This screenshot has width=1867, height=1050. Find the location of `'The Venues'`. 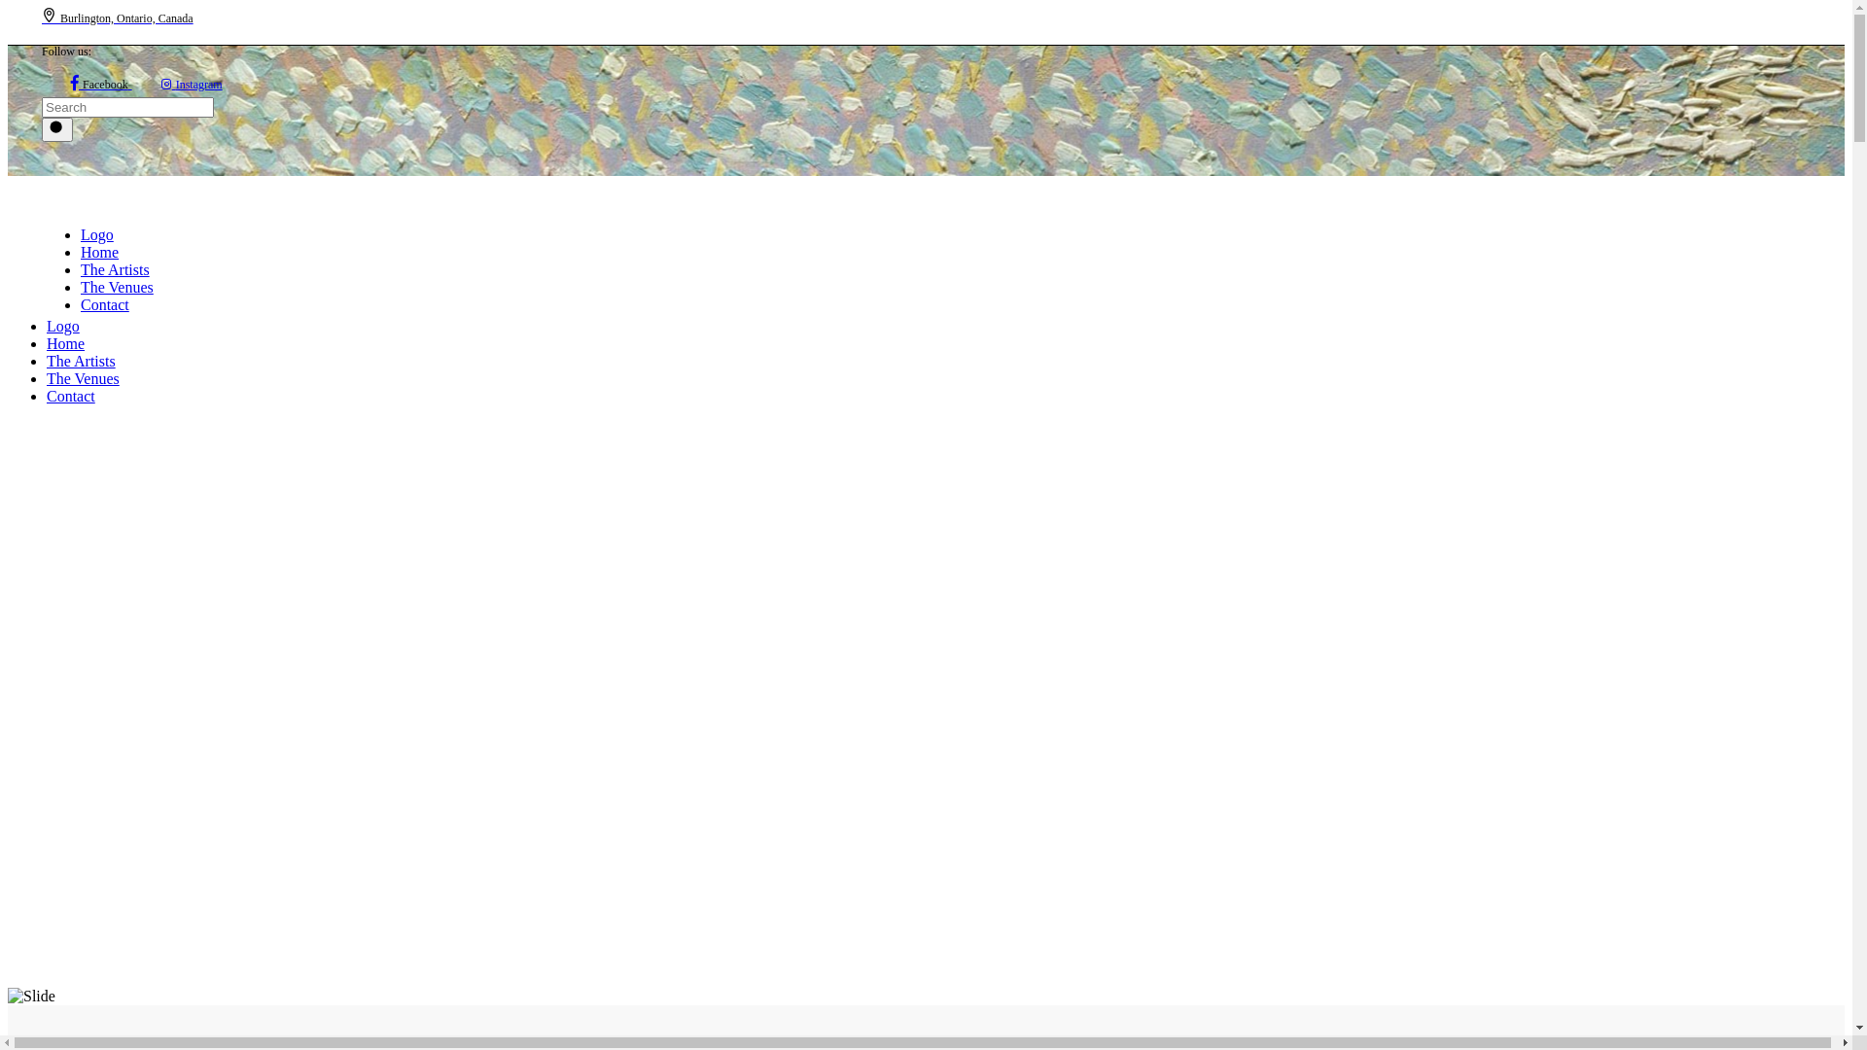

'The Venues' is located at coordinates (82, 378).